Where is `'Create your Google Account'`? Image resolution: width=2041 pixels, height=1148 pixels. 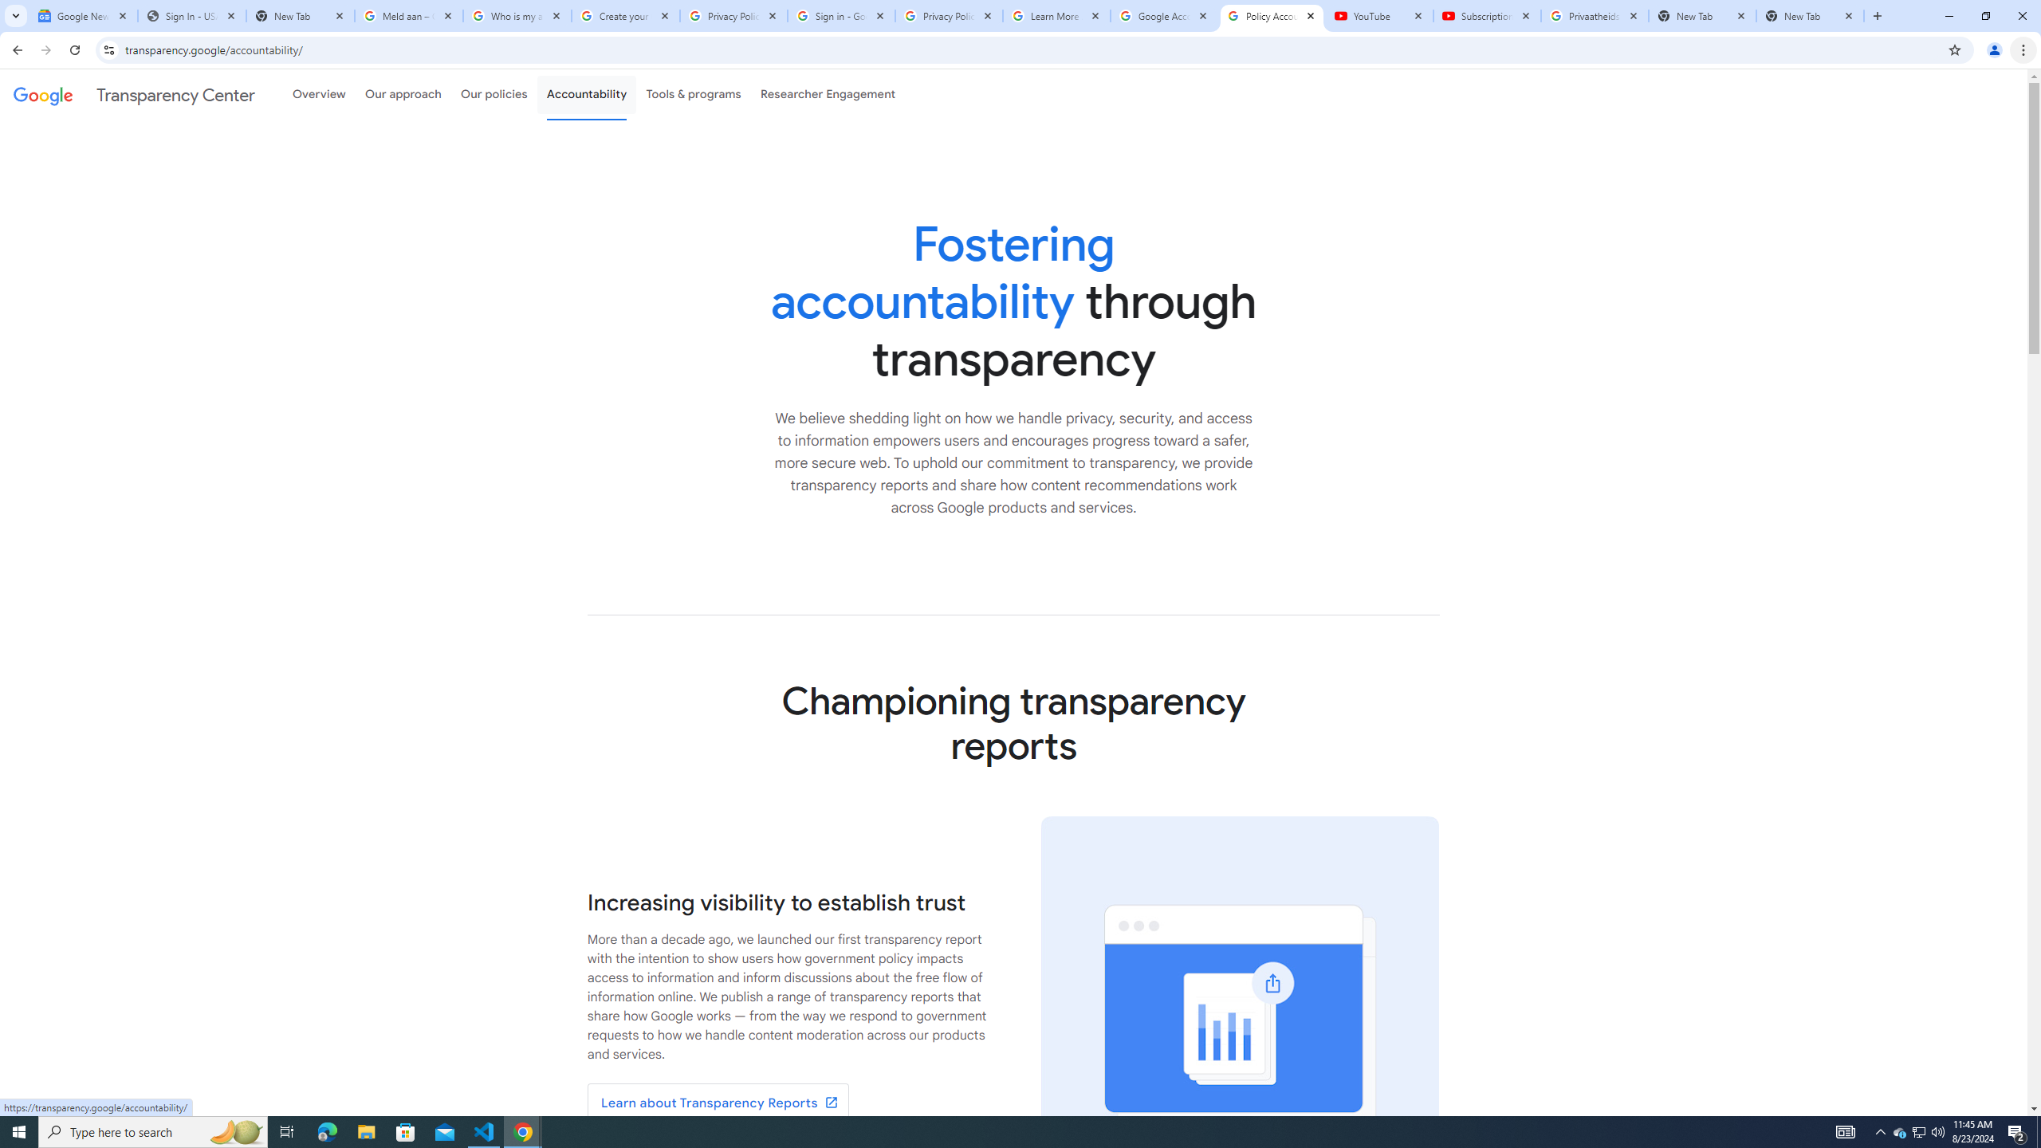 'Create your Google Account' is located at coordinates (625, 15).